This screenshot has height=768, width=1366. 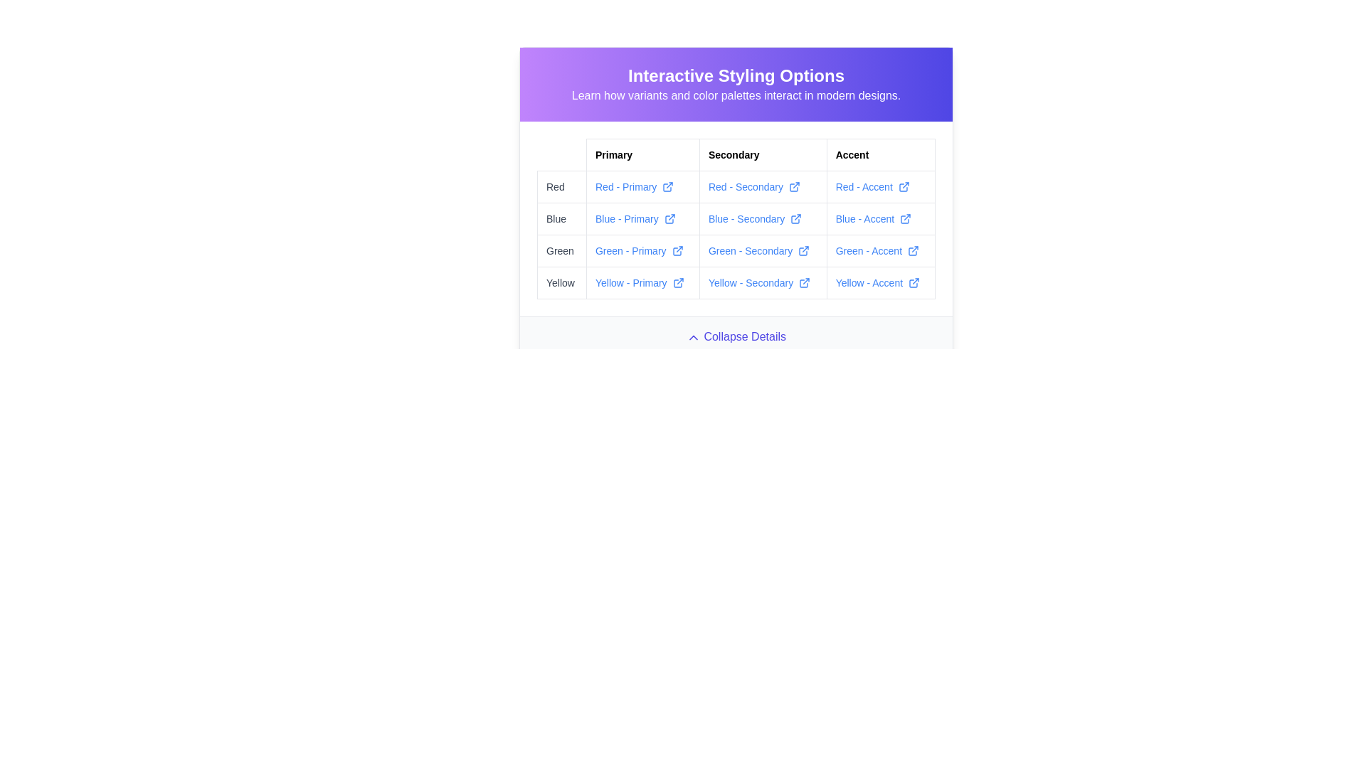 What do you see at coordinates (793, 186) in the screenshot?
I see `the external link icon adjacent to the 'Red - Secondary' text in the 'Secondary' column of the table` at bounding box center [793, 186].